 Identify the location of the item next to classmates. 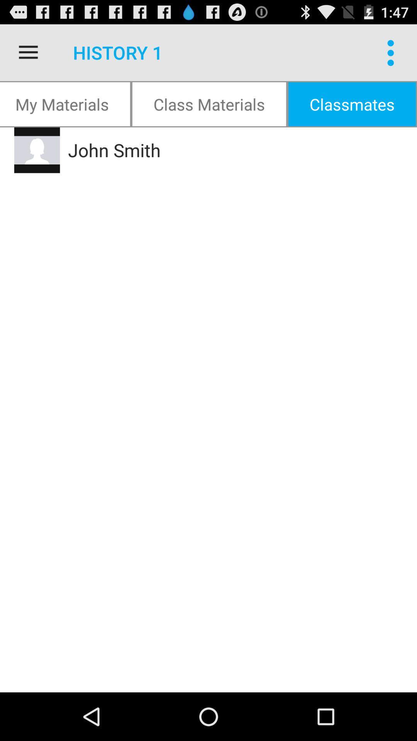
(209, 103).